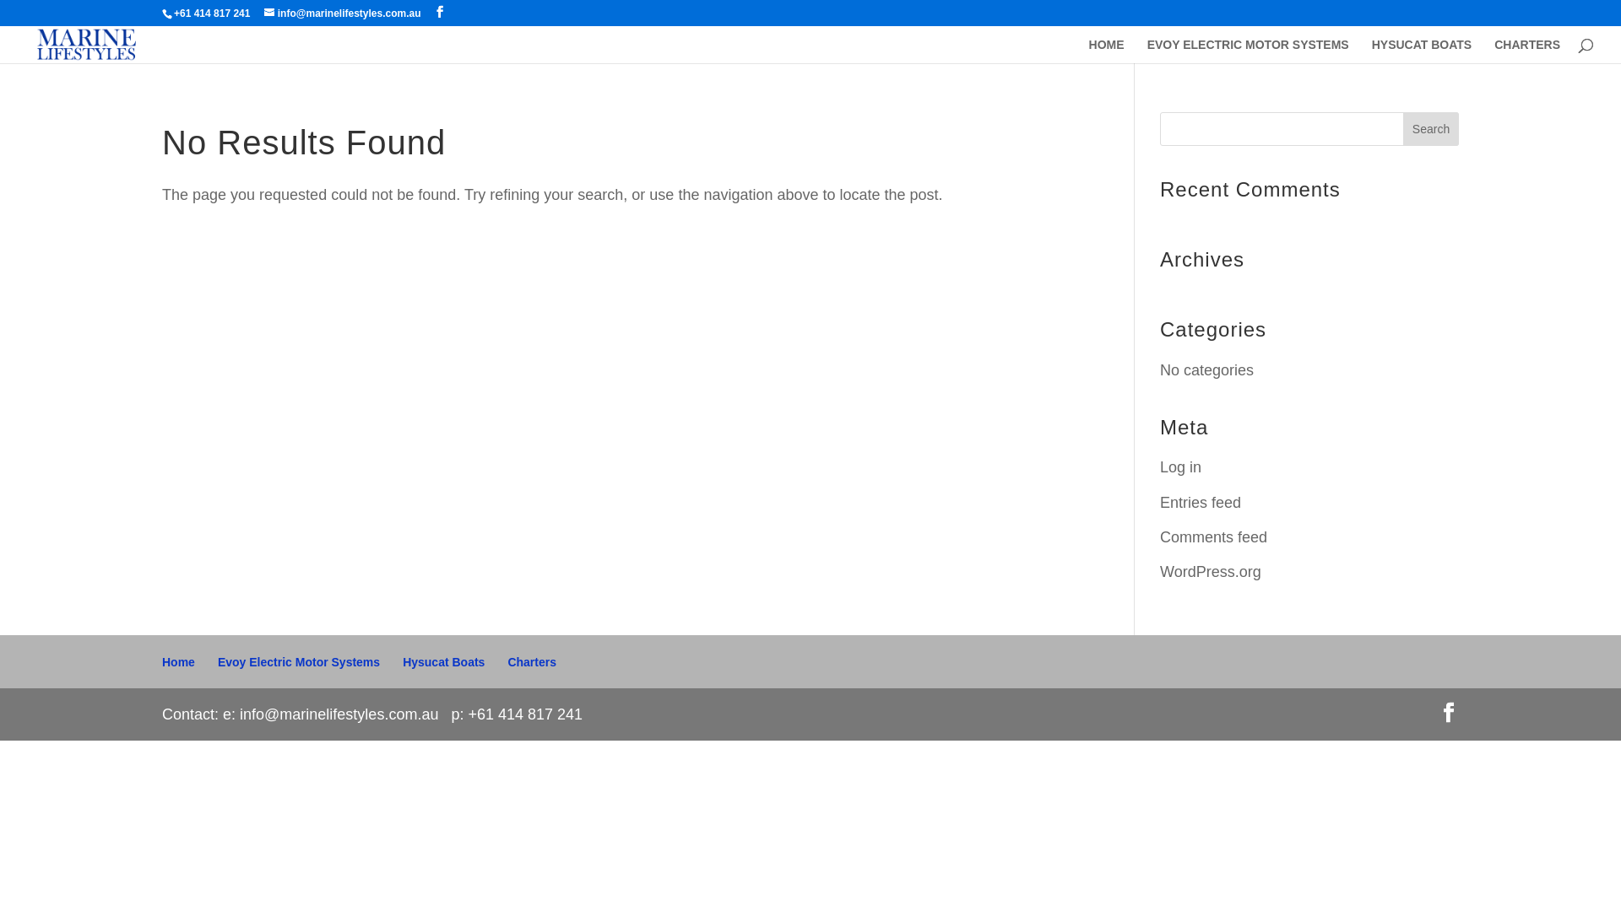 The height and width of the screenshot is (911, 1621). What do you see at coordinates (1421, 50) in the screenshot?
I see `'HYSUCAT BOATS'` at bounding box center [1421, 50].